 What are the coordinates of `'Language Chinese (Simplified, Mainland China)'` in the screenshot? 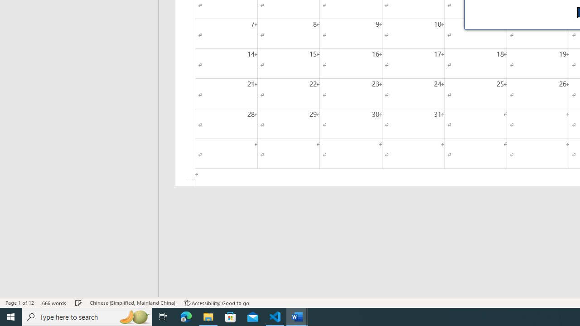 It's located at (132, 303).